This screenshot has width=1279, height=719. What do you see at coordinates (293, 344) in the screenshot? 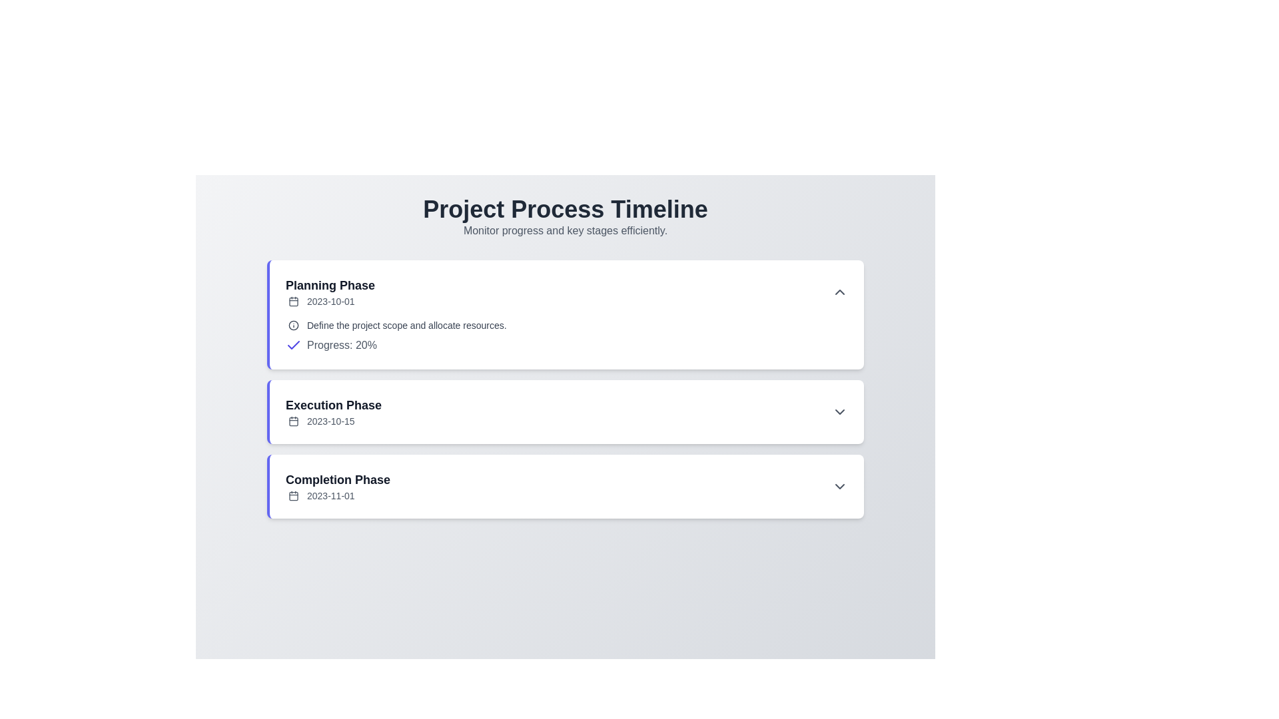
I see `the bold indigo checkmark icon located beside the text 'Progress: 20%' in the 'Planning Phase' card by moving the cursor to its center point` at bounding box center [293, 344].